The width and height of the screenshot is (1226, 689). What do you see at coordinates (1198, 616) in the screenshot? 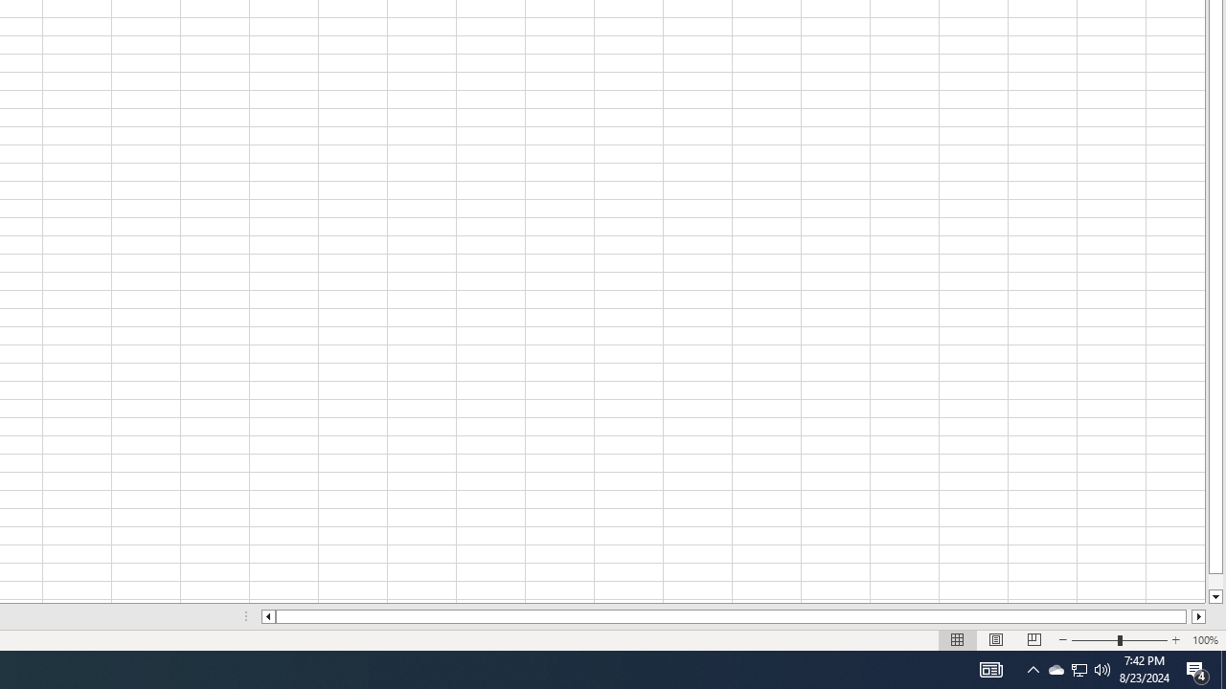
I see `'Column right'` at bounding box center [1198, 616].